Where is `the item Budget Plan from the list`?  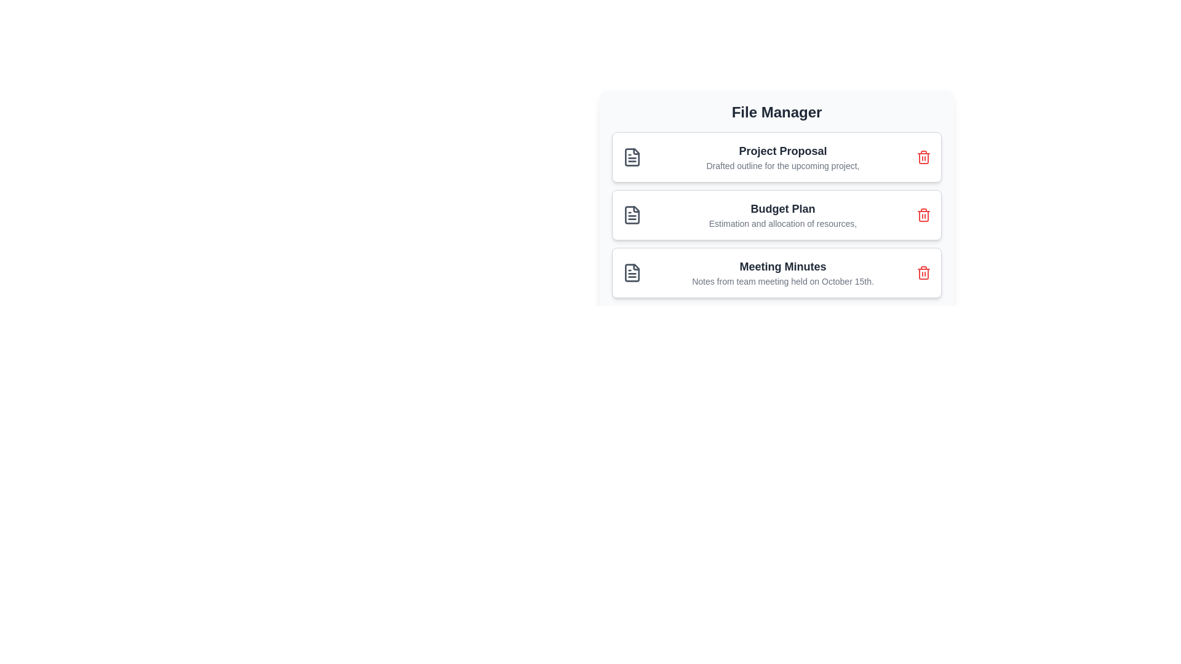
the item Budget Plan from the list is located at coordinates (776, 215).